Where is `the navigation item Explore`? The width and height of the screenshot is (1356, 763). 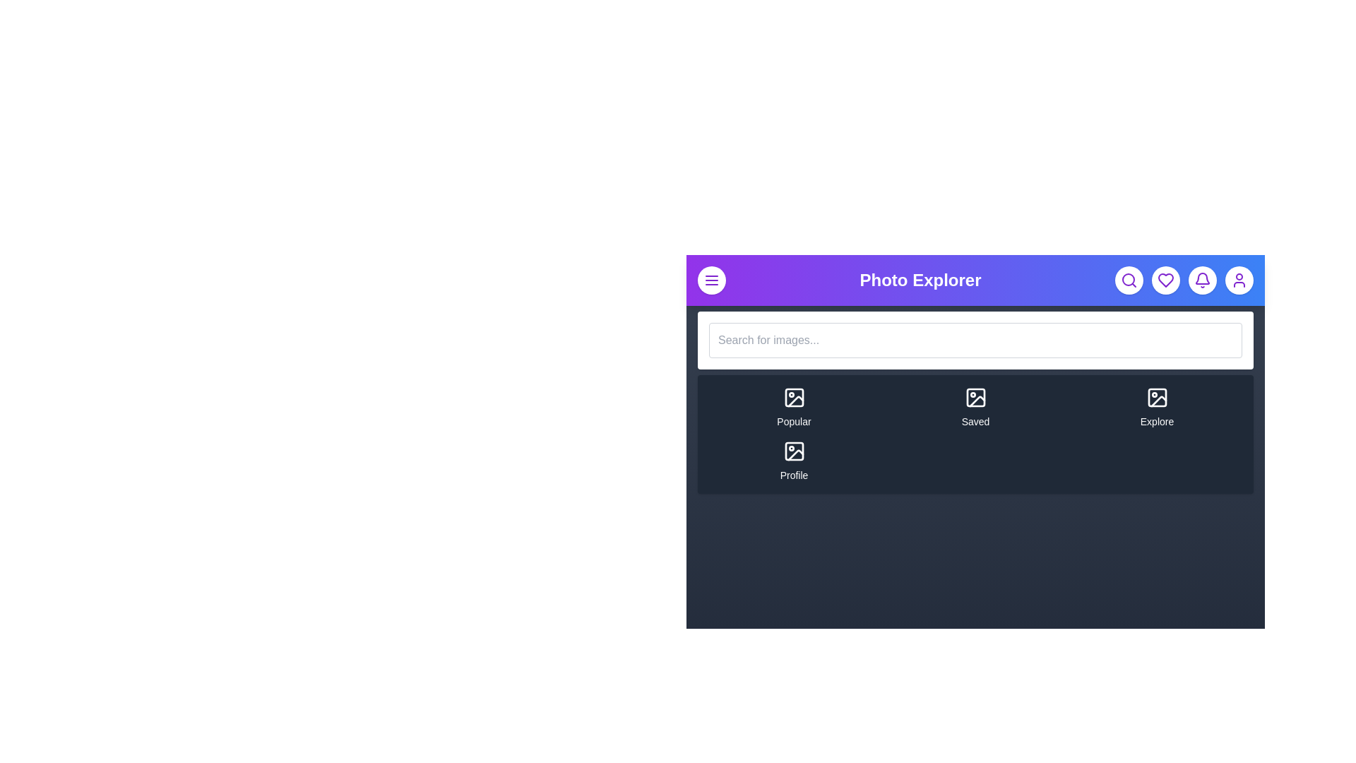
the navigation item Explore is located at coordinates (1157, 408).